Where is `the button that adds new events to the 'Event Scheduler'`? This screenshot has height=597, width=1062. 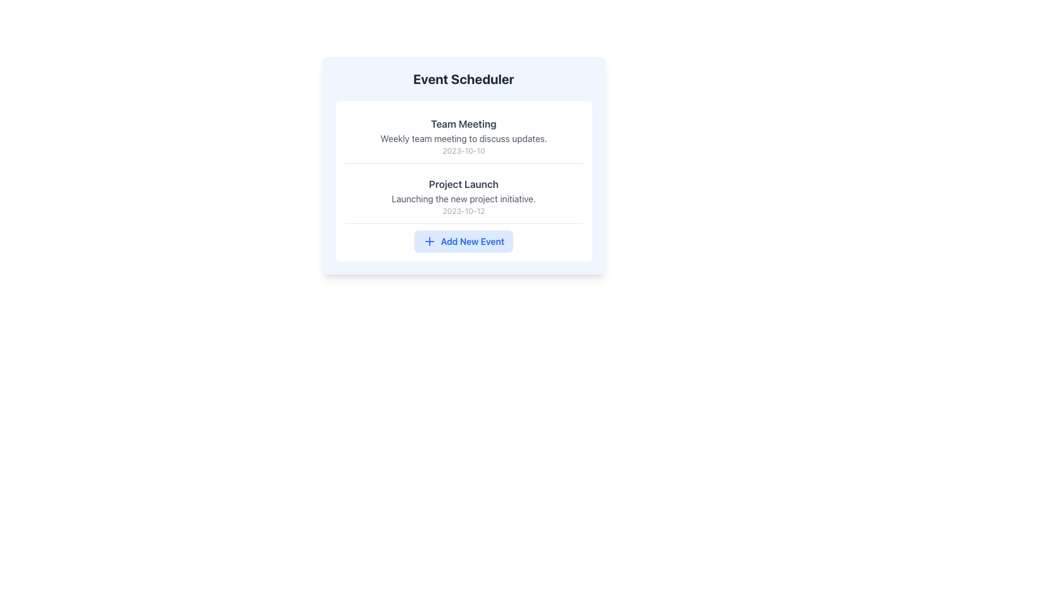 the button that adds new events to the 'Event Scheduler' is located at coordinates (464, 240).